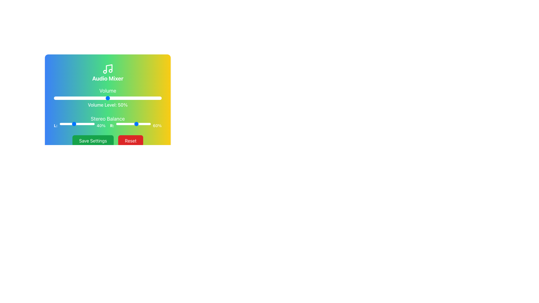 The width and height of the screenshot is (539, 303). What do you see at coordinates (108, 121) in the screenshot?
I see `the interactive audio balance slider control group, located below the 'Volume Level: 50%' section` at bounding box center [108, 121].